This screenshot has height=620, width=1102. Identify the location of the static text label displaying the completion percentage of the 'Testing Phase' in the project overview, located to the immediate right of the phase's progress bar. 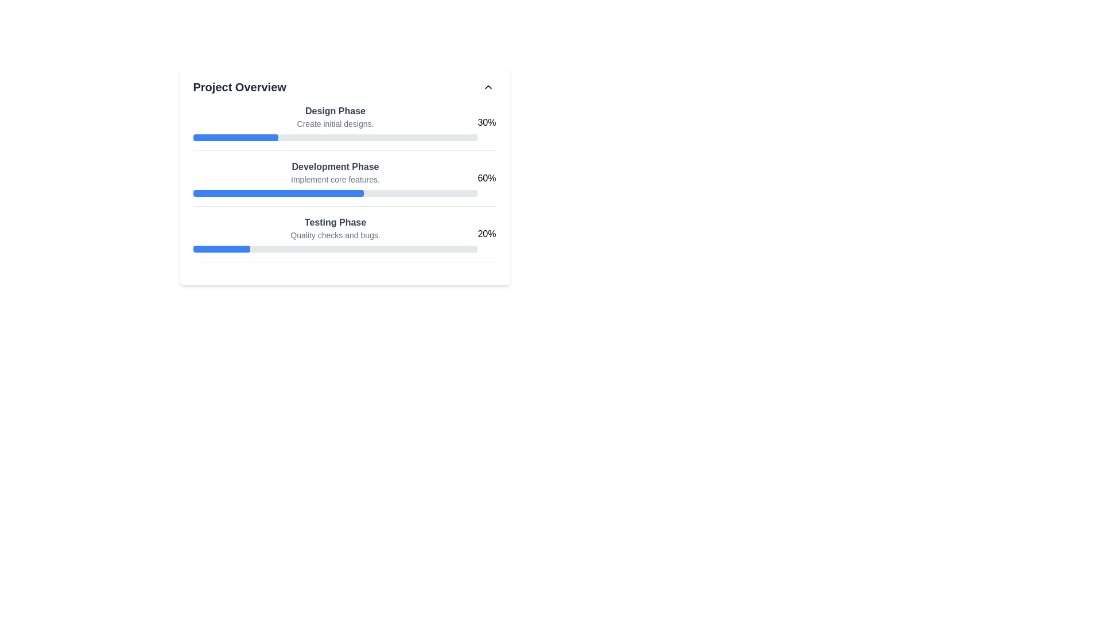
(487, 233).